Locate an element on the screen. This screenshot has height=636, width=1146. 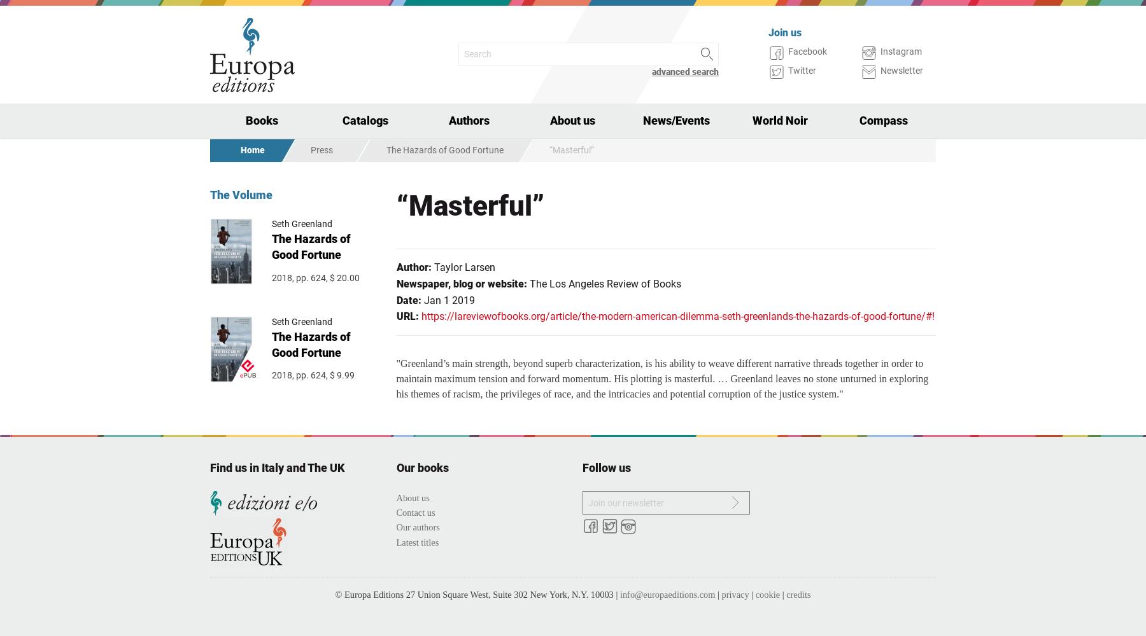
'Home' is located at coordinates (253, 149).